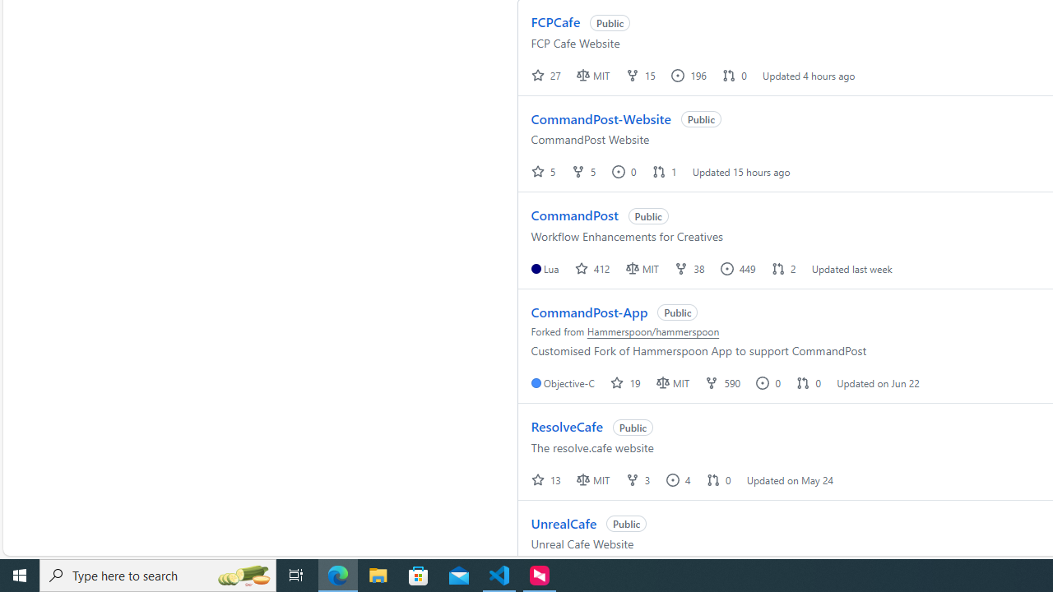 This screenshot has width=1053, height=592. I want to click on ' 449 ', so click(738, 267).